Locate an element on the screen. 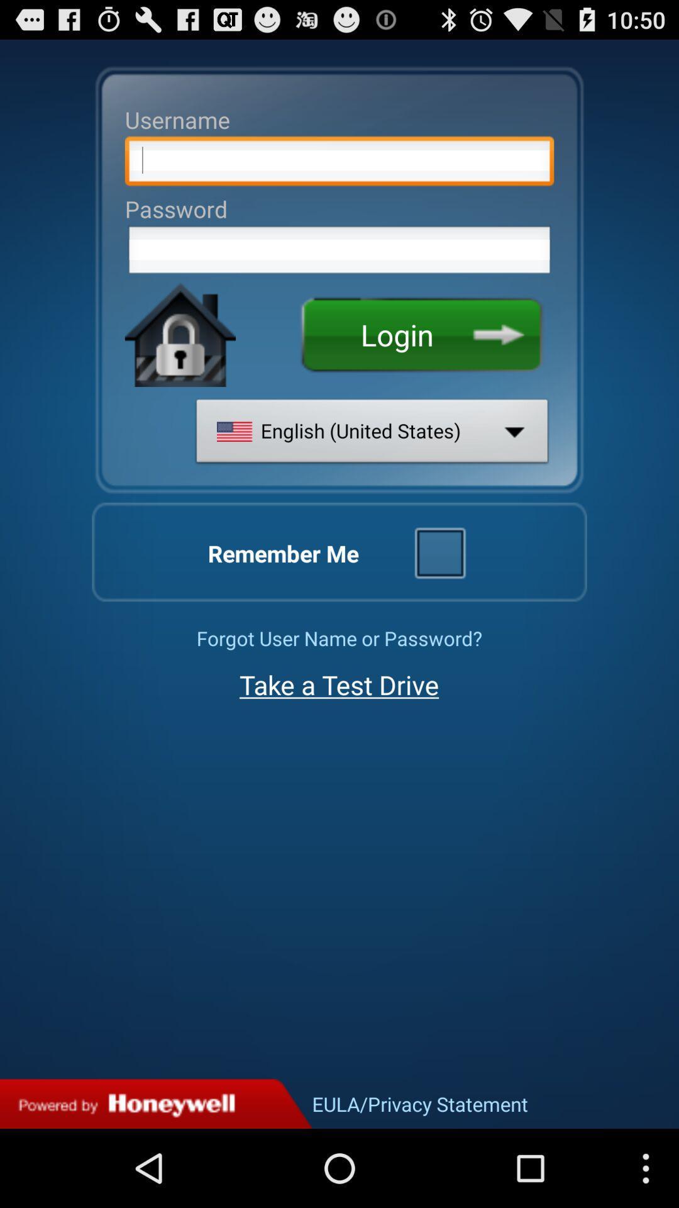 This screenshot has height=1208, width=679. password input box is located at coordinates (339, 253).